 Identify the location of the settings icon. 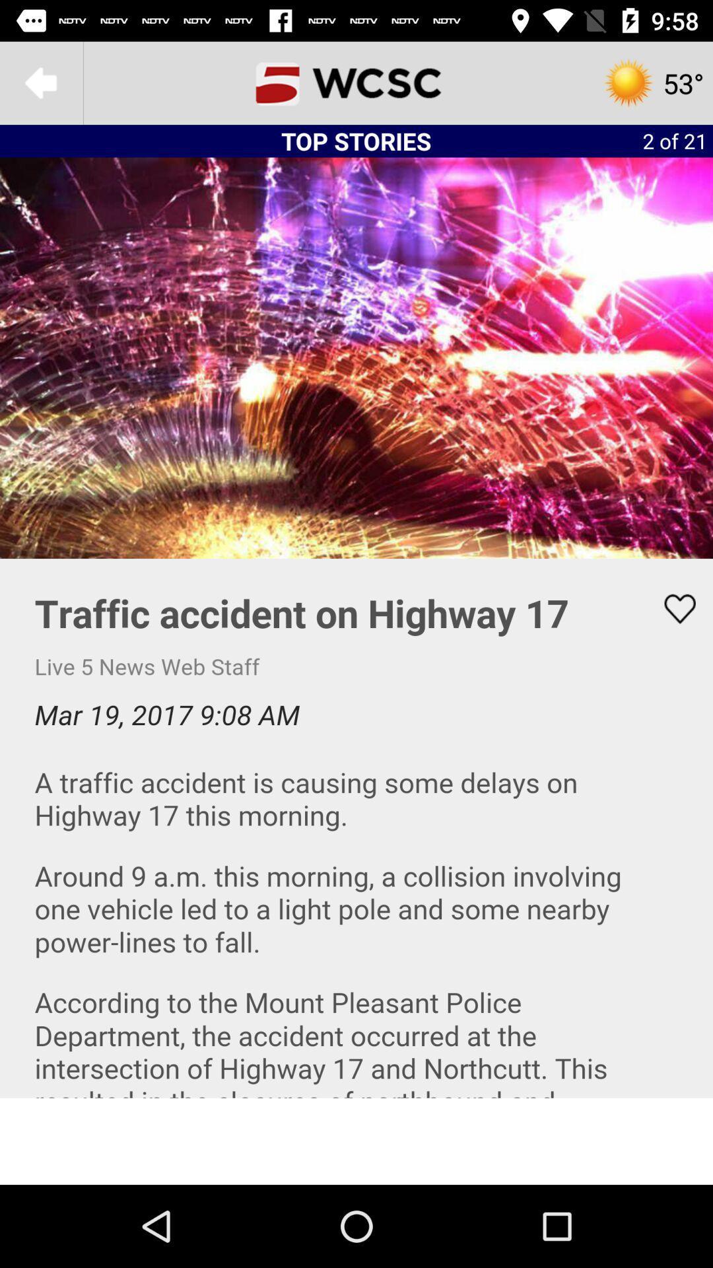
(652, 82).